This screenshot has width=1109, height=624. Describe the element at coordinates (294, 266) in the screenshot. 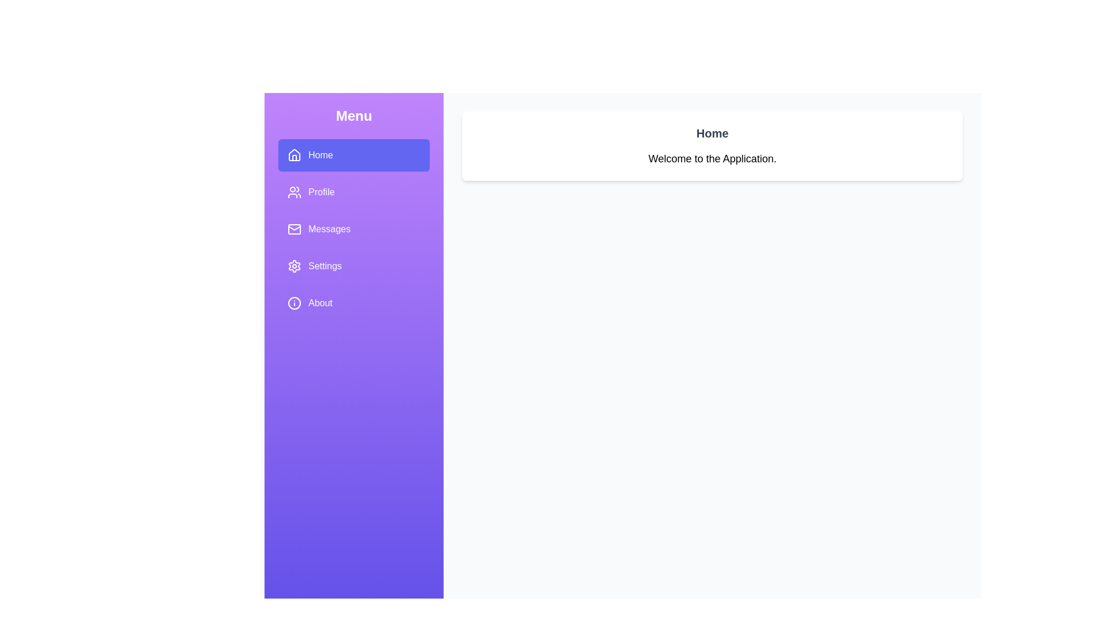

I see `the graphic icon embedded within the settings menu` at that location.